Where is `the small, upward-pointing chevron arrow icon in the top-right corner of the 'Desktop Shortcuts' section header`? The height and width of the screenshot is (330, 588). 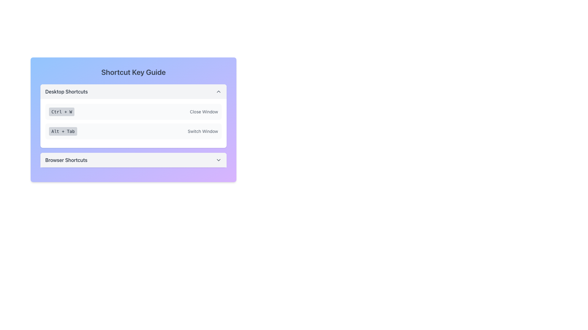 the small, upward-pointing chevron arrow icon in the top-right corner of the 'Desktop Shortcuts' section header is located at coordinates (219, 92).